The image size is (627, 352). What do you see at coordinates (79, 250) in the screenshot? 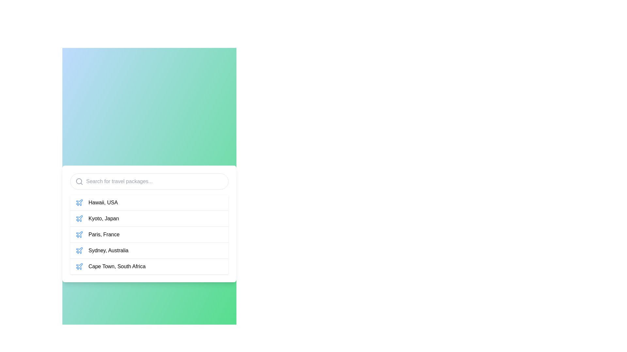
I see `the airplane icon representing the travel option for 'Sydney, Australia', located next to the text in the fourth position of a vertical list within a card interface` at bounding box center [79, 250].